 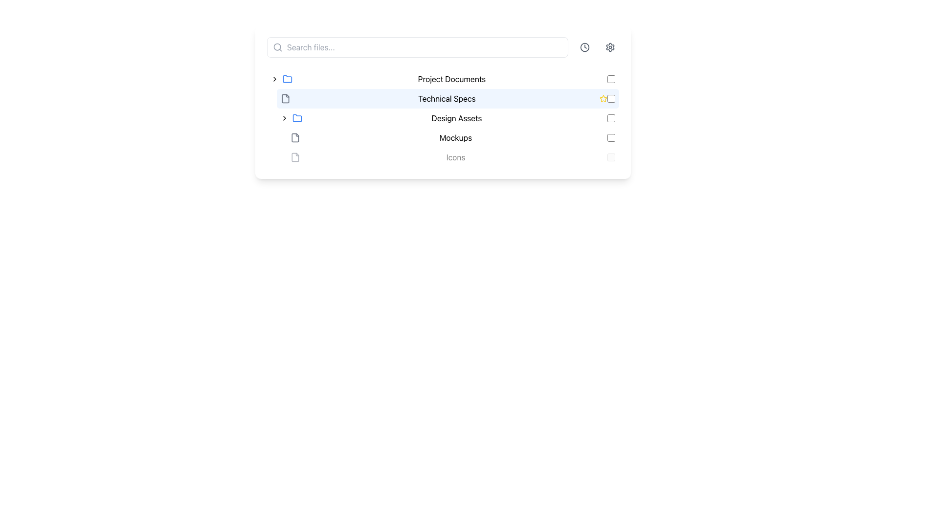 I want to click on the blue folder icon located to the left of the 'Project Documents' text, so click(x=287, y=79).